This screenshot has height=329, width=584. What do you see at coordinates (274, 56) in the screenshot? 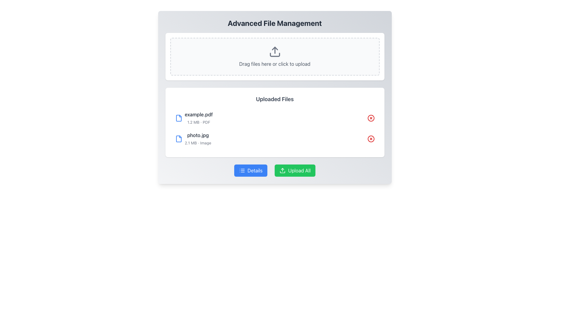
I see `the File upload area, which is a rectangular element with rounded corners, a dashed gray border, and a light gray background` at bounding box center [274, 56].